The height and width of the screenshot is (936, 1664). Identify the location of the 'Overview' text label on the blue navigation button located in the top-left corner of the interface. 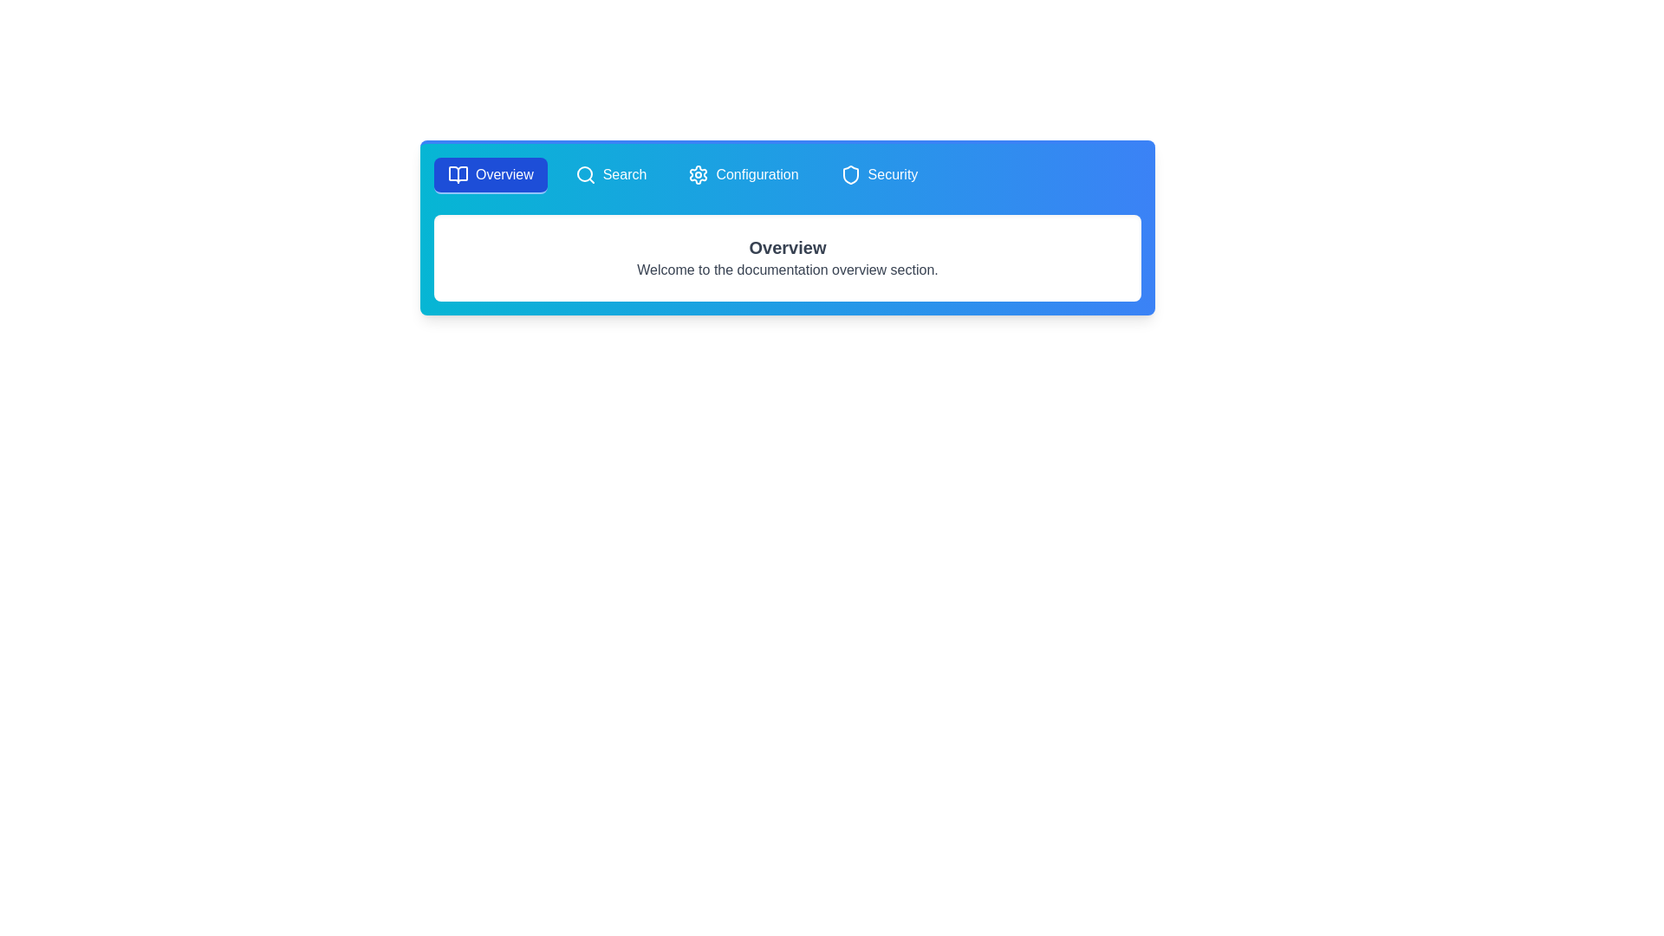
(504, 174).